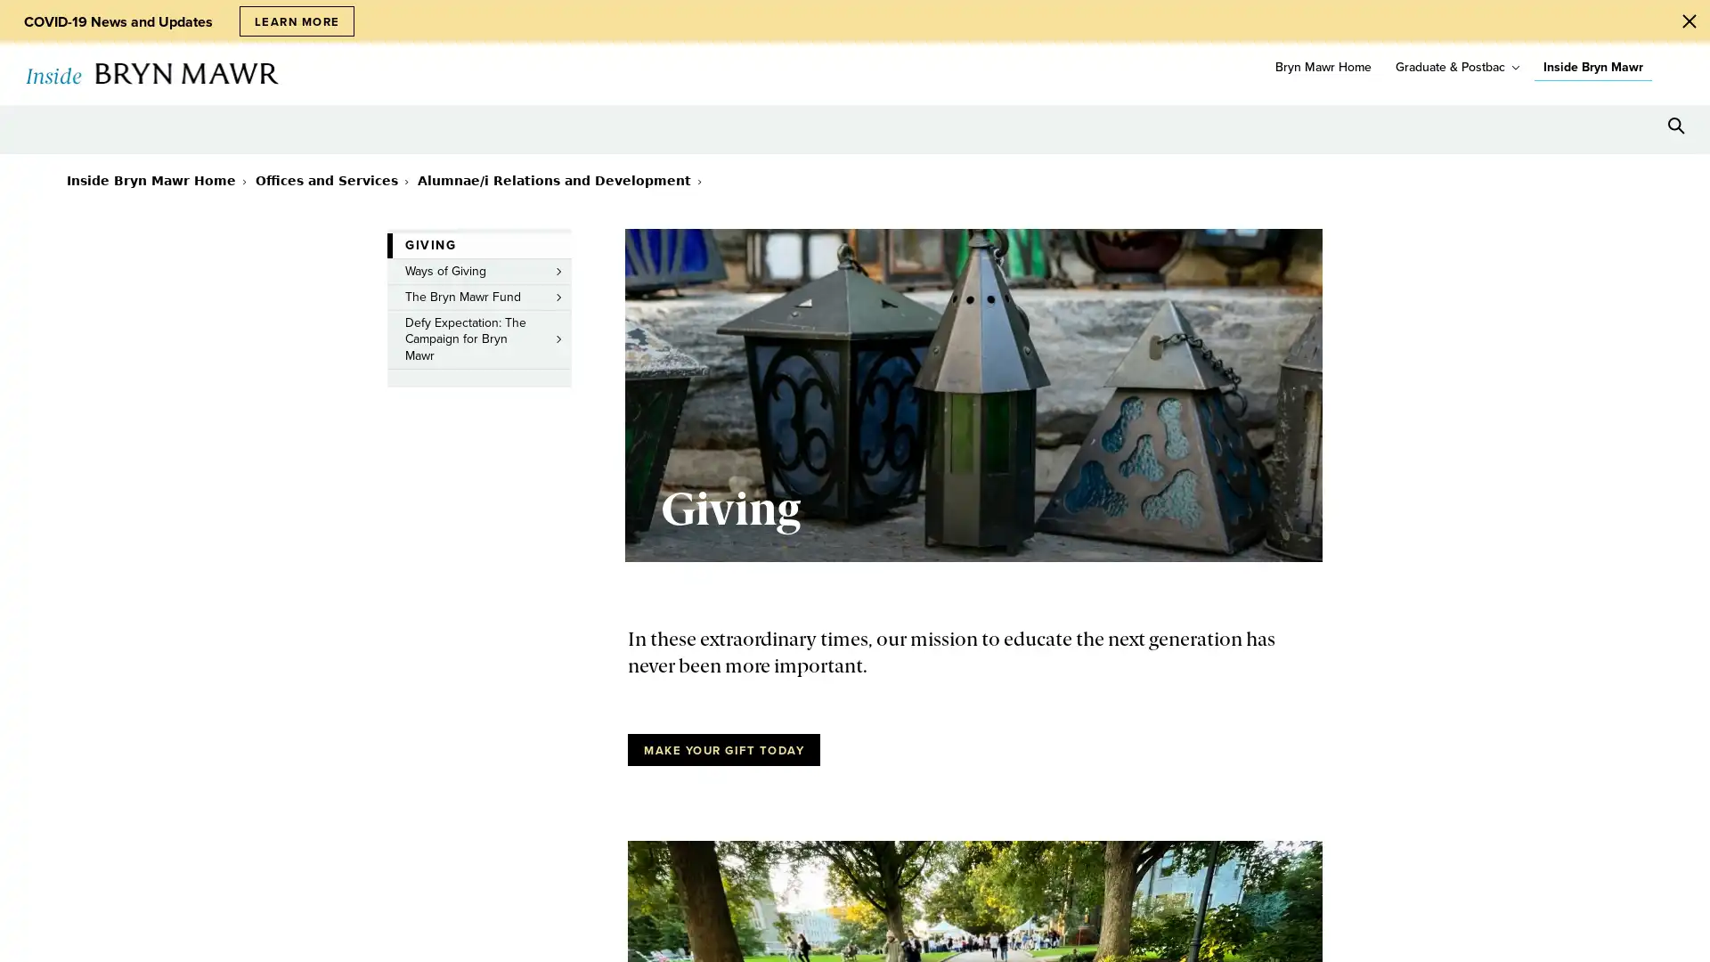 This screenshot has height=962, width=1710. What do you see at coordinates (799, 116) in the screenshot?
I see `toggle submenu` at bounding box center [799, 116].